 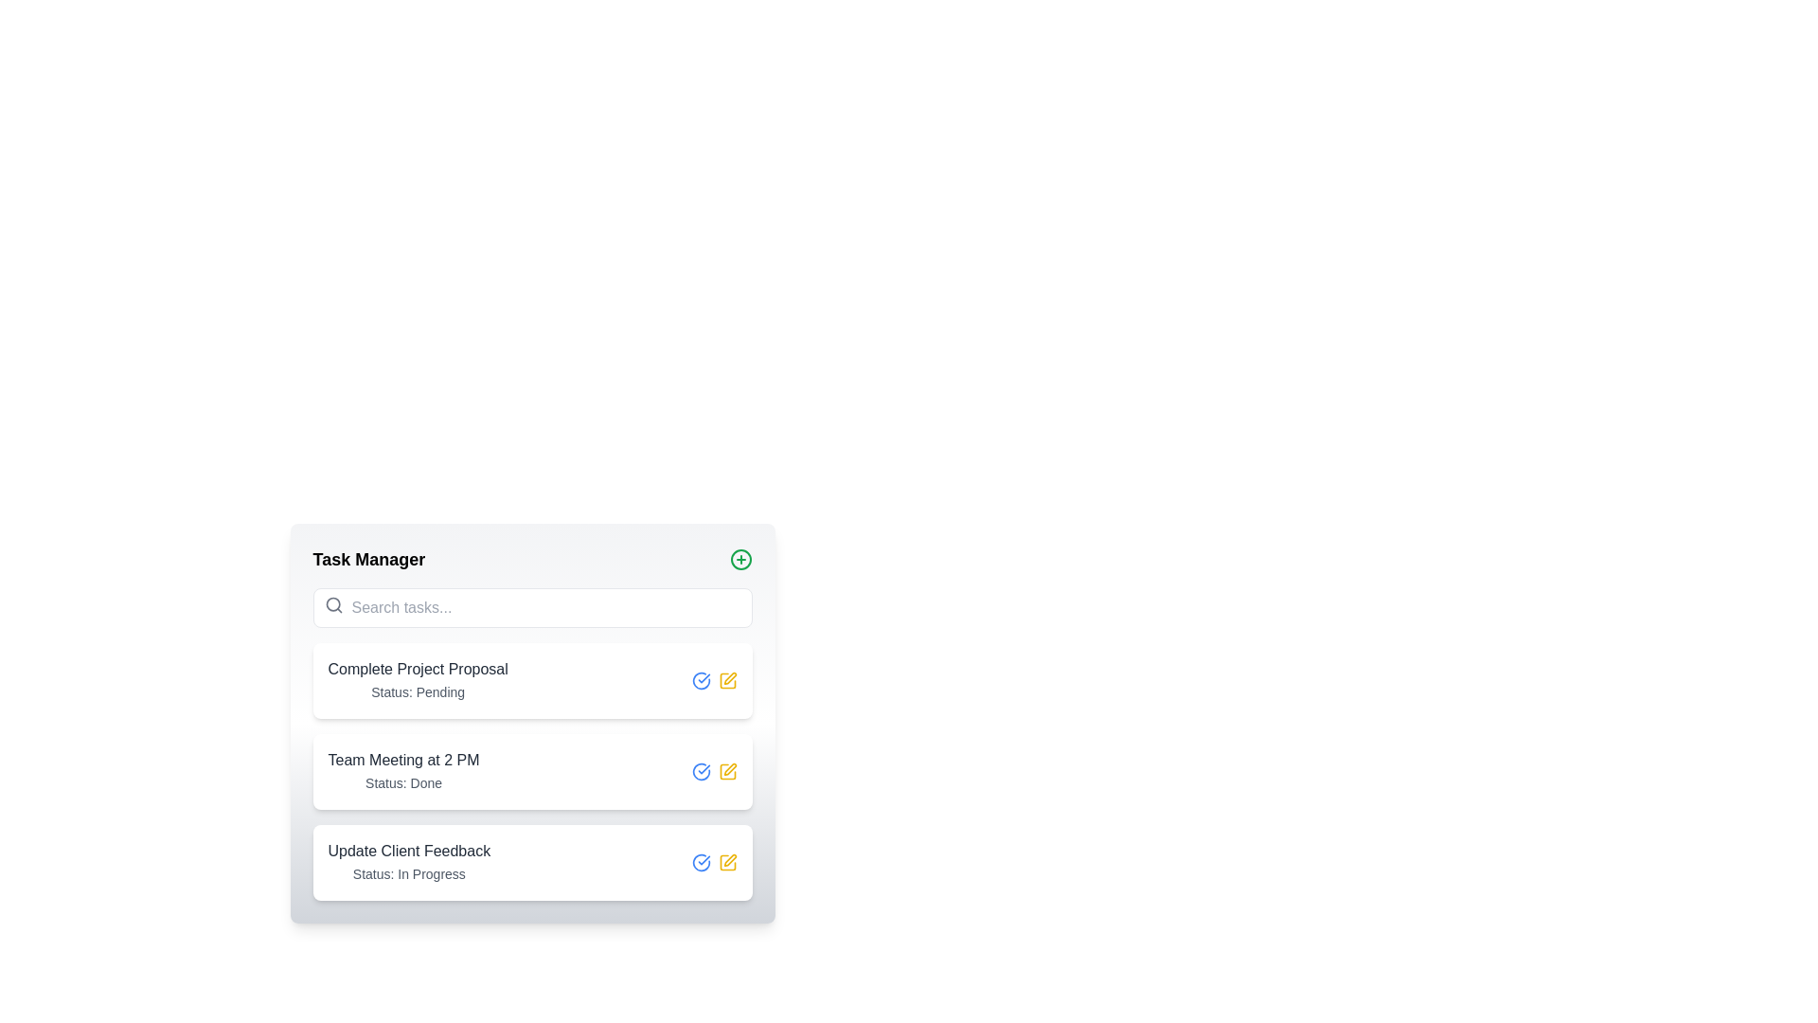 What do you see at coordinates (726, 679) in the screenshot?
I see `the yellow geometric icon button resembling a square with a pen, located to the right of the 'Complete Project Proposal' task entry` at bounding box center [726, 679].